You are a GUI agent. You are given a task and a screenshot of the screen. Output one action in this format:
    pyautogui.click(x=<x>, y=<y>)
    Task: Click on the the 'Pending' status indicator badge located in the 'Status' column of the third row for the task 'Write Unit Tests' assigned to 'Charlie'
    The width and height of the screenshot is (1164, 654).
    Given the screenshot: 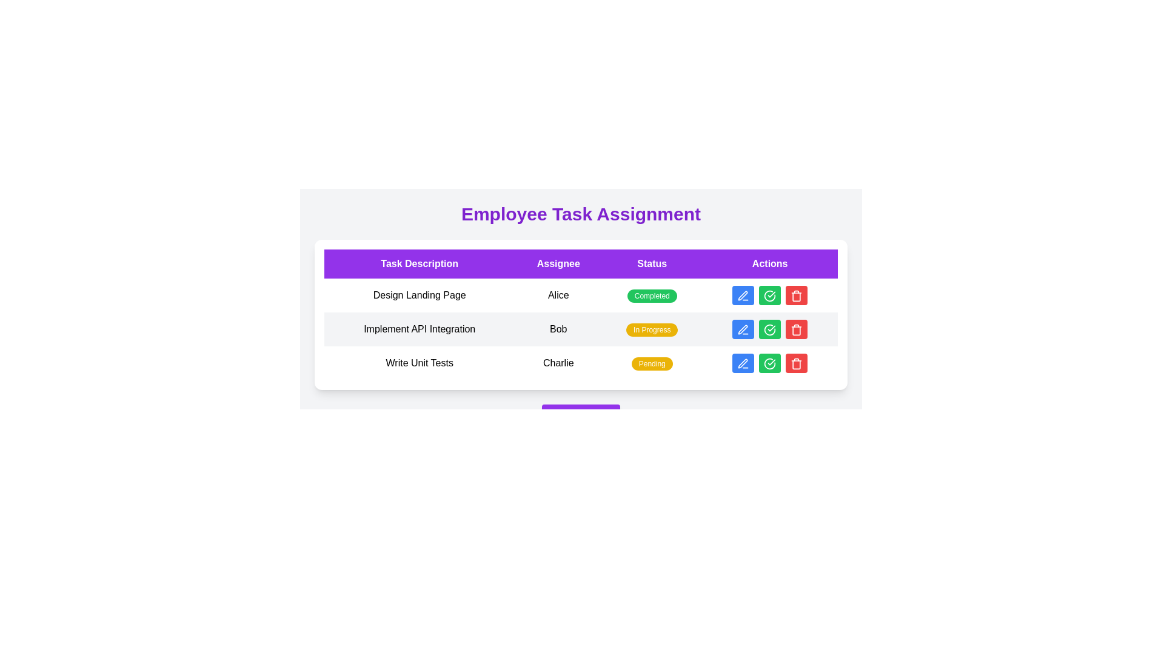 What is the action you would take?
    pyautogui.click(x=651, y=363)
    